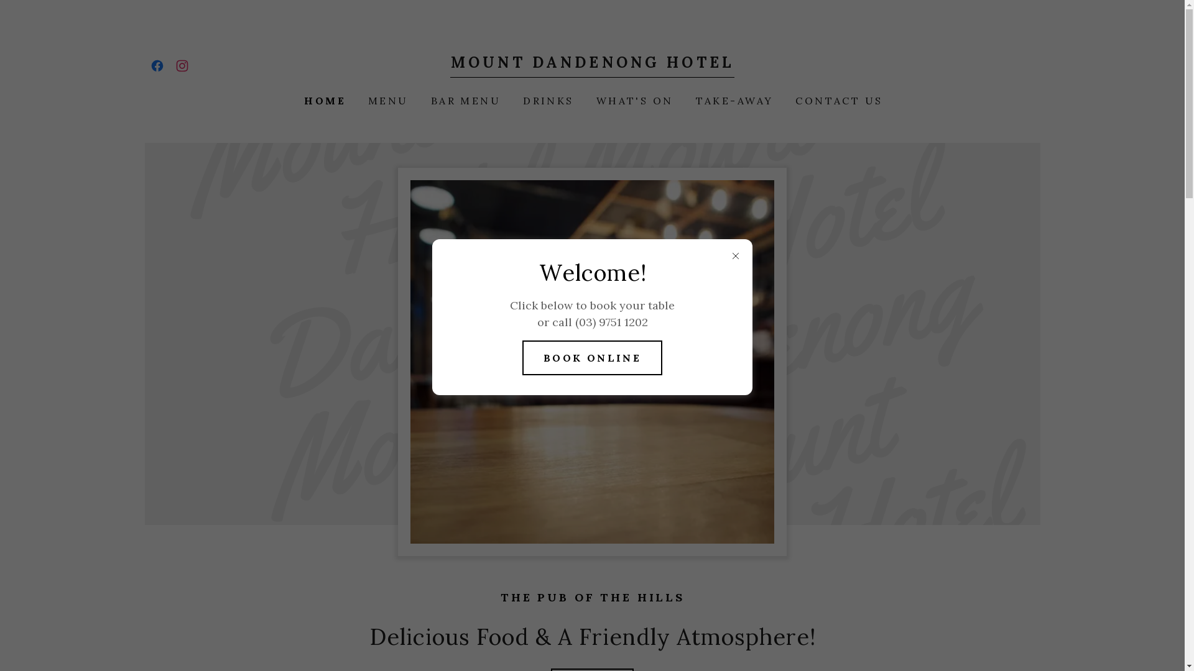 Image resolution: width=1194 pixels, height=671 pixels. What do you see at coordinates (592, 357) in the screenshot?
I see `'BOOK ONLINE'` at bounding box center [592, 357].